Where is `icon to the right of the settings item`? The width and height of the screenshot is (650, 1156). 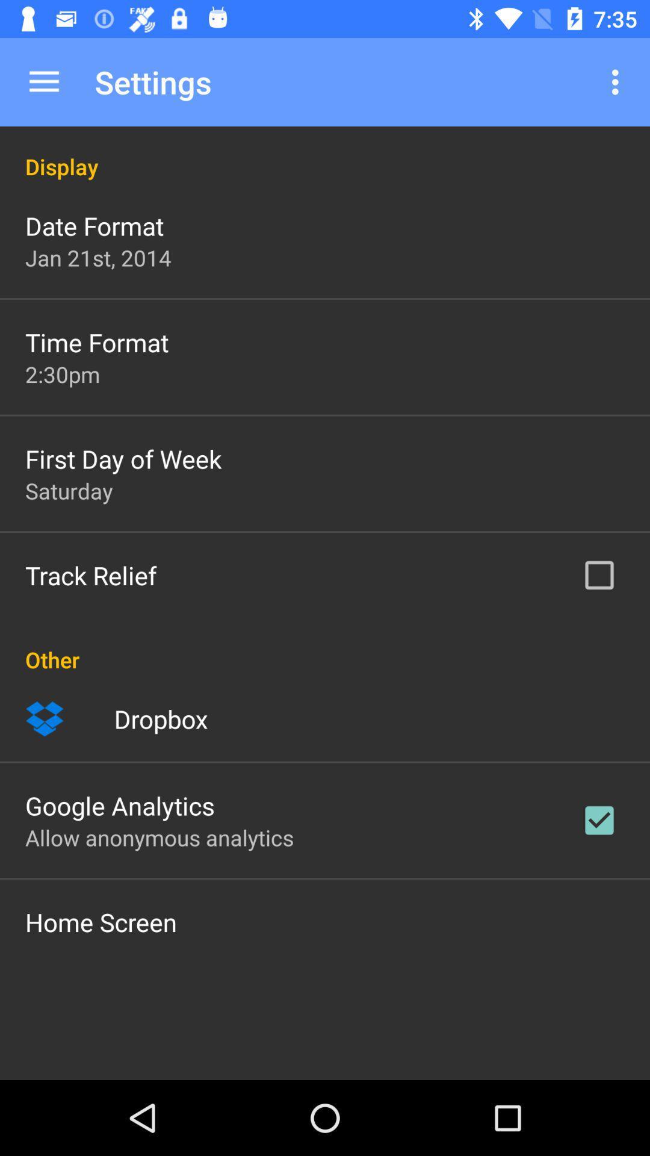 icon to the right of the settings item is located at coordinates (618, 81).